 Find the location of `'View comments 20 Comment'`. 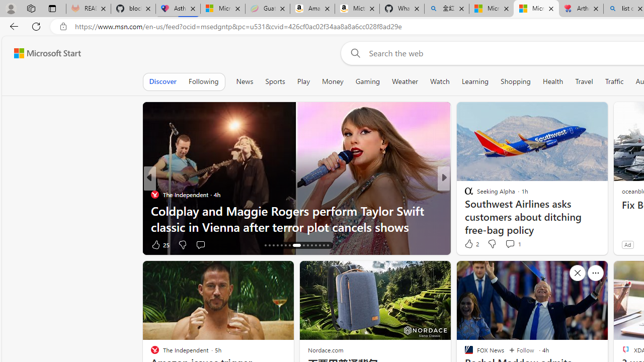

'View comments 20 Comment' is located at coordinates (513, 244).